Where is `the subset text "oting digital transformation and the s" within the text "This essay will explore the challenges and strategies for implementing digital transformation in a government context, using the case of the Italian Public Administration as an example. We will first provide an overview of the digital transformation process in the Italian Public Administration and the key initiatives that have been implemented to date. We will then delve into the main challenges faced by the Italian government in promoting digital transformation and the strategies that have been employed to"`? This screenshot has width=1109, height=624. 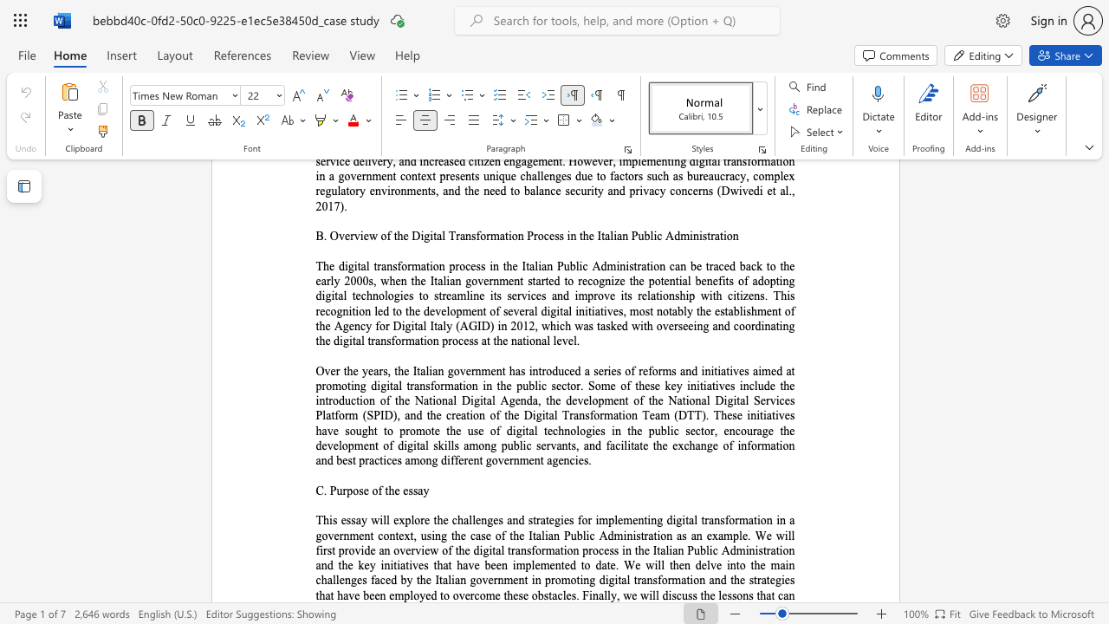 the subset text "oting digital transformation and the s" within the text "This essay will explore the challenges and strategies for implementing digital transformation in a government context, using the case of the Italian Public Administration as an example. We will first provide an overview of the digital transformation process in the Italian Public Administration and the key initiatives that have been implemented to date. We will then delve into the main challenges faced by the Italian government in promoting digital transformation and the strategies that have been employed to" is located at coordinates (570, 580).